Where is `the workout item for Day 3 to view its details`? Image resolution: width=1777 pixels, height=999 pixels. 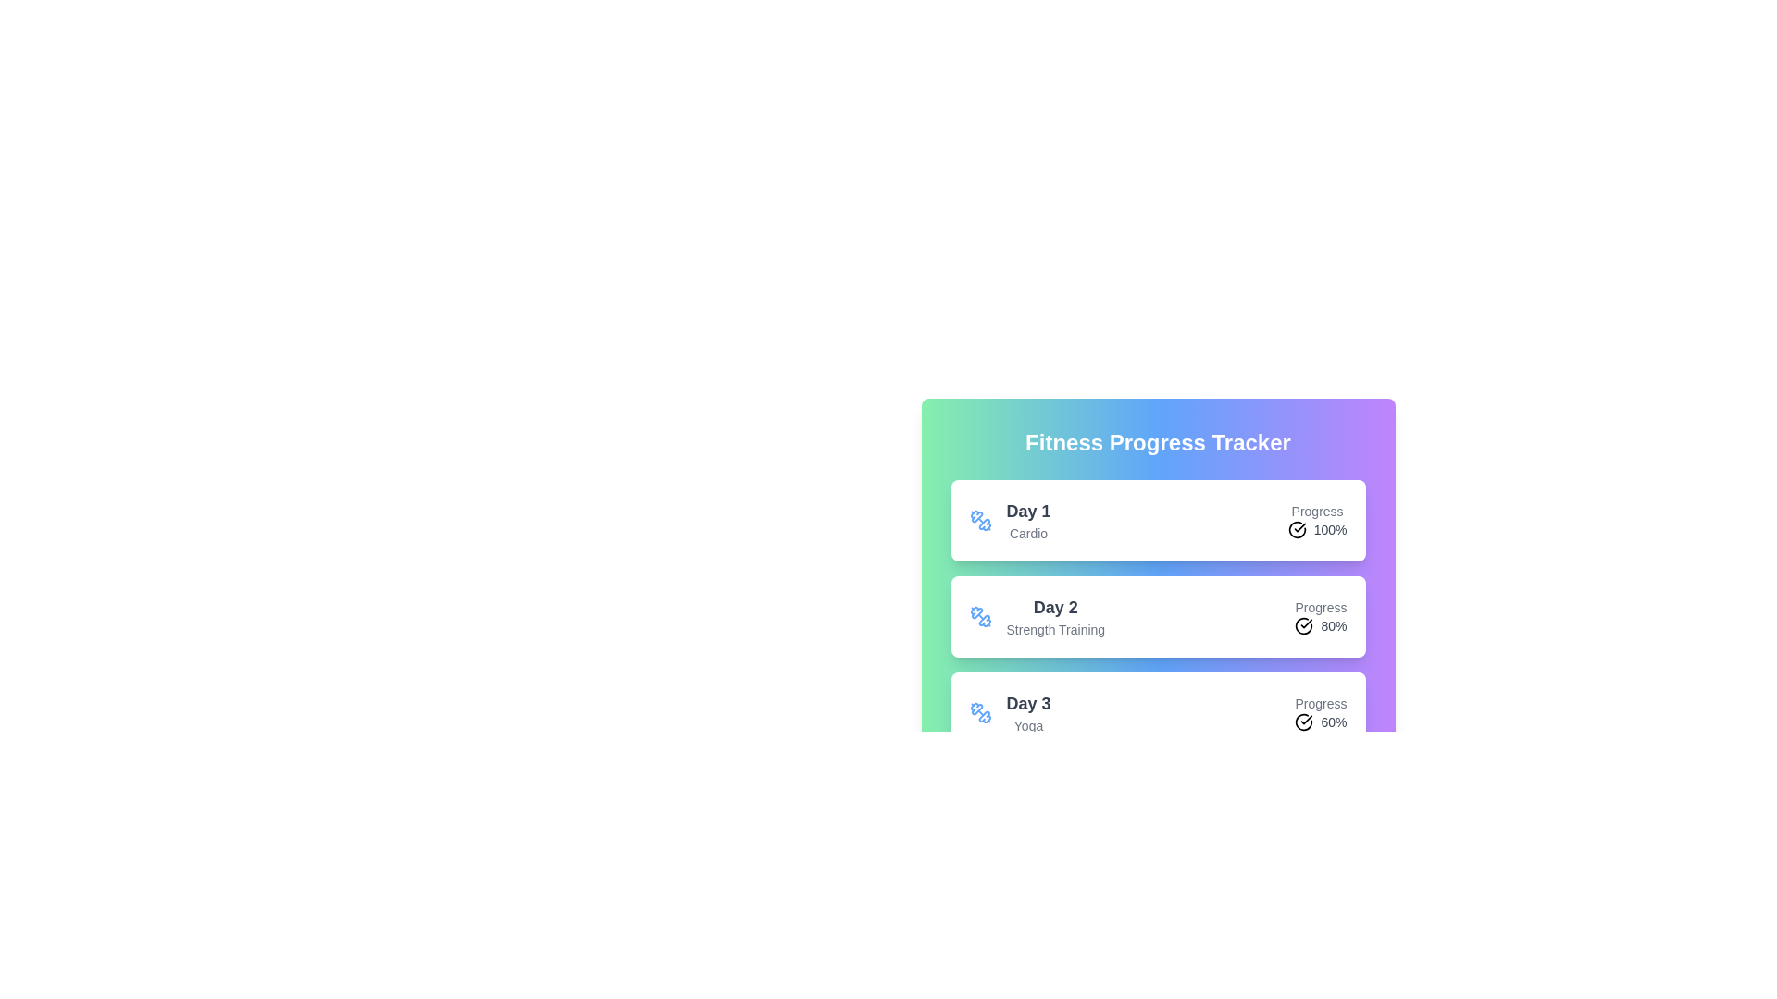
the workout item for Day 3 to view its details is located at coordinates (1157, 712).